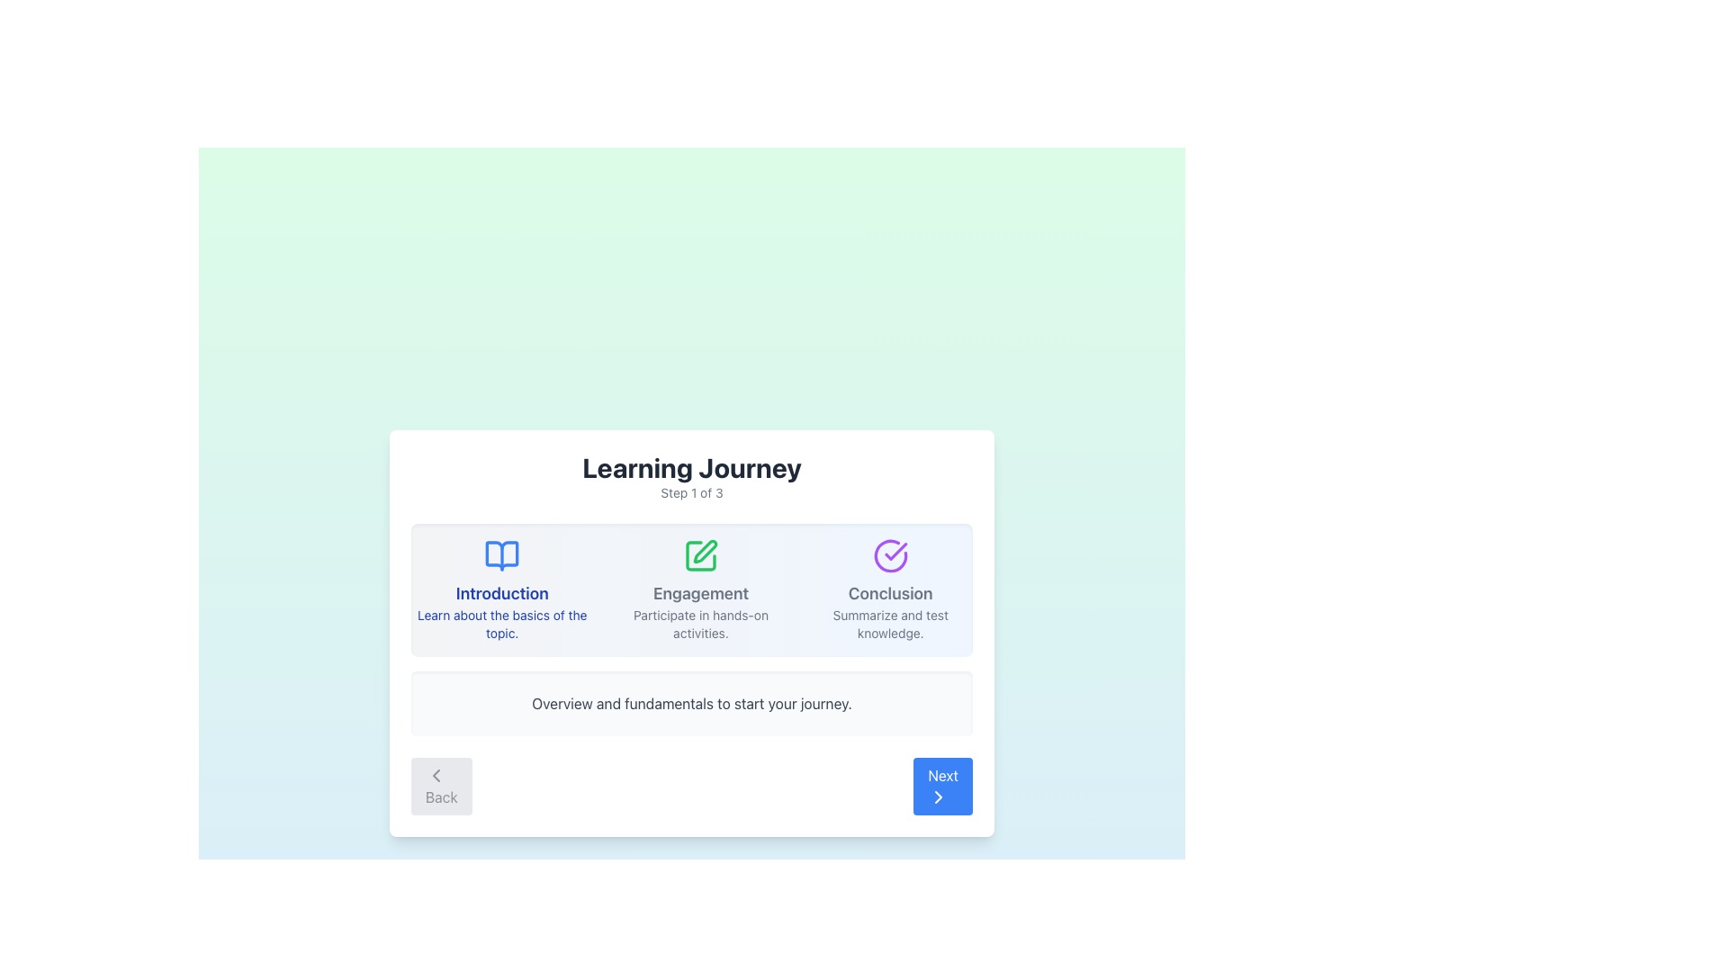 Image resolution: width=1728 pixels, height=972 pixels. What do you see at coordinates (699, 624) in the screenshot?
I see `the descriptive text label for the 'Engagement' section, which provides details about the associated activity` at bounding box center [699, 624].